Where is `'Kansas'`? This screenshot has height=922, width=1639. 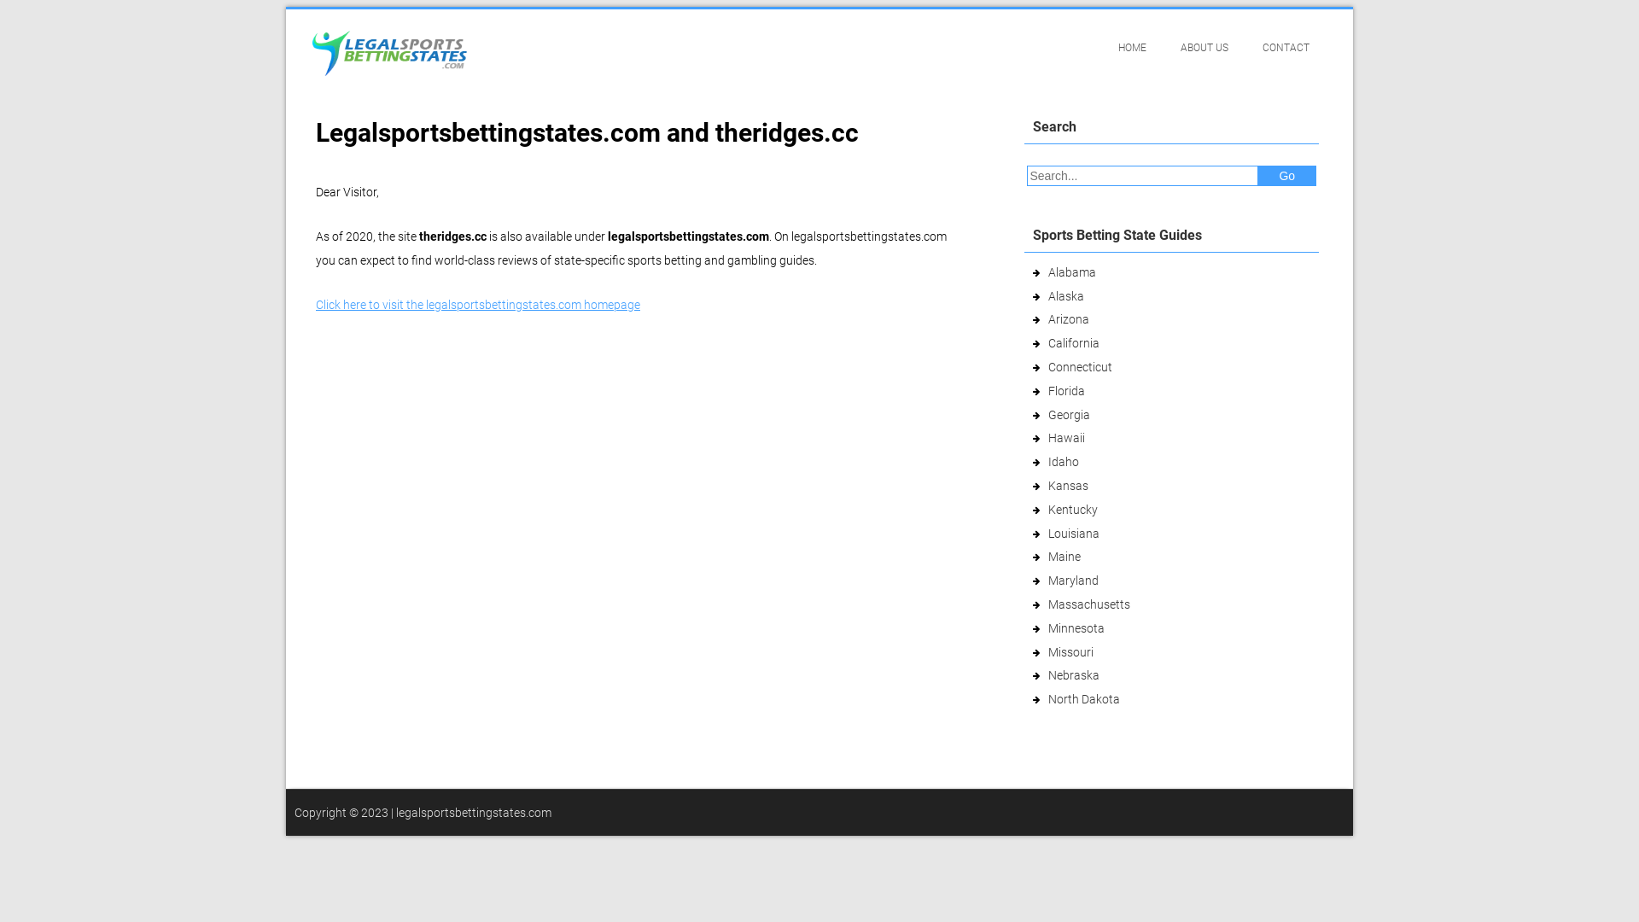
'Kansas' is located at coordinates (1067, 486).